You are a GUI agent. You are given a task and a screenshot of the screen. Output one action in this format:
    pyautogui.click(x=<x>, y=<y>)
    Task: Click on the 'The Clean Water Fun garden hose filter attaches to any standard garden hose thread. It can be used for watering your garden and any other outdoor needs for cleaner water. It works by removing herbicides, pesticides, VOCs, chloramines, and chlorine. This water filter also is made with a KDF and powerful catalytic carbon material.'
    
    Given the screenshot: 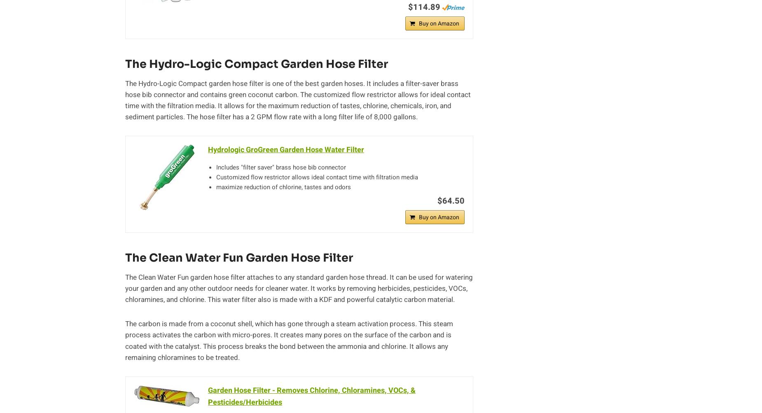 What is the action you would take?
    pyautogui.click(x=299, y=288)
    